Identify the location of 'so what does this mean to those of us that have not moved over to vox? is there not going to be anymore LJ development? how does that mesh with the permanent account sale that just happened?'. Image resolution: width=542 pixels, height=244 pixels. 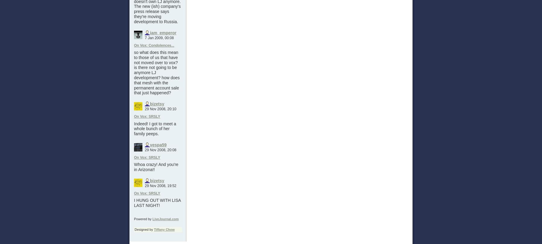
(156, 72).